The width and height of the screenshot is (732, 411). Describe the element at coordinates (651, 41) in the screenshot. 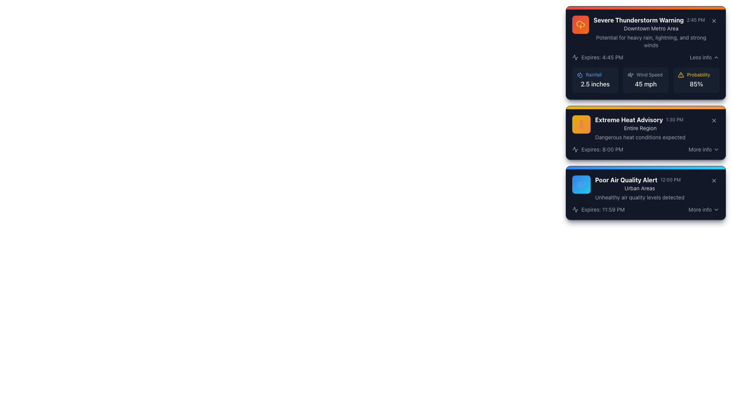

I see `the text label that provides additional descriptive information for the severe thunderstorm warning, positioned below the 'Downtown Metro Area' label and above detailed metrics` at that location.